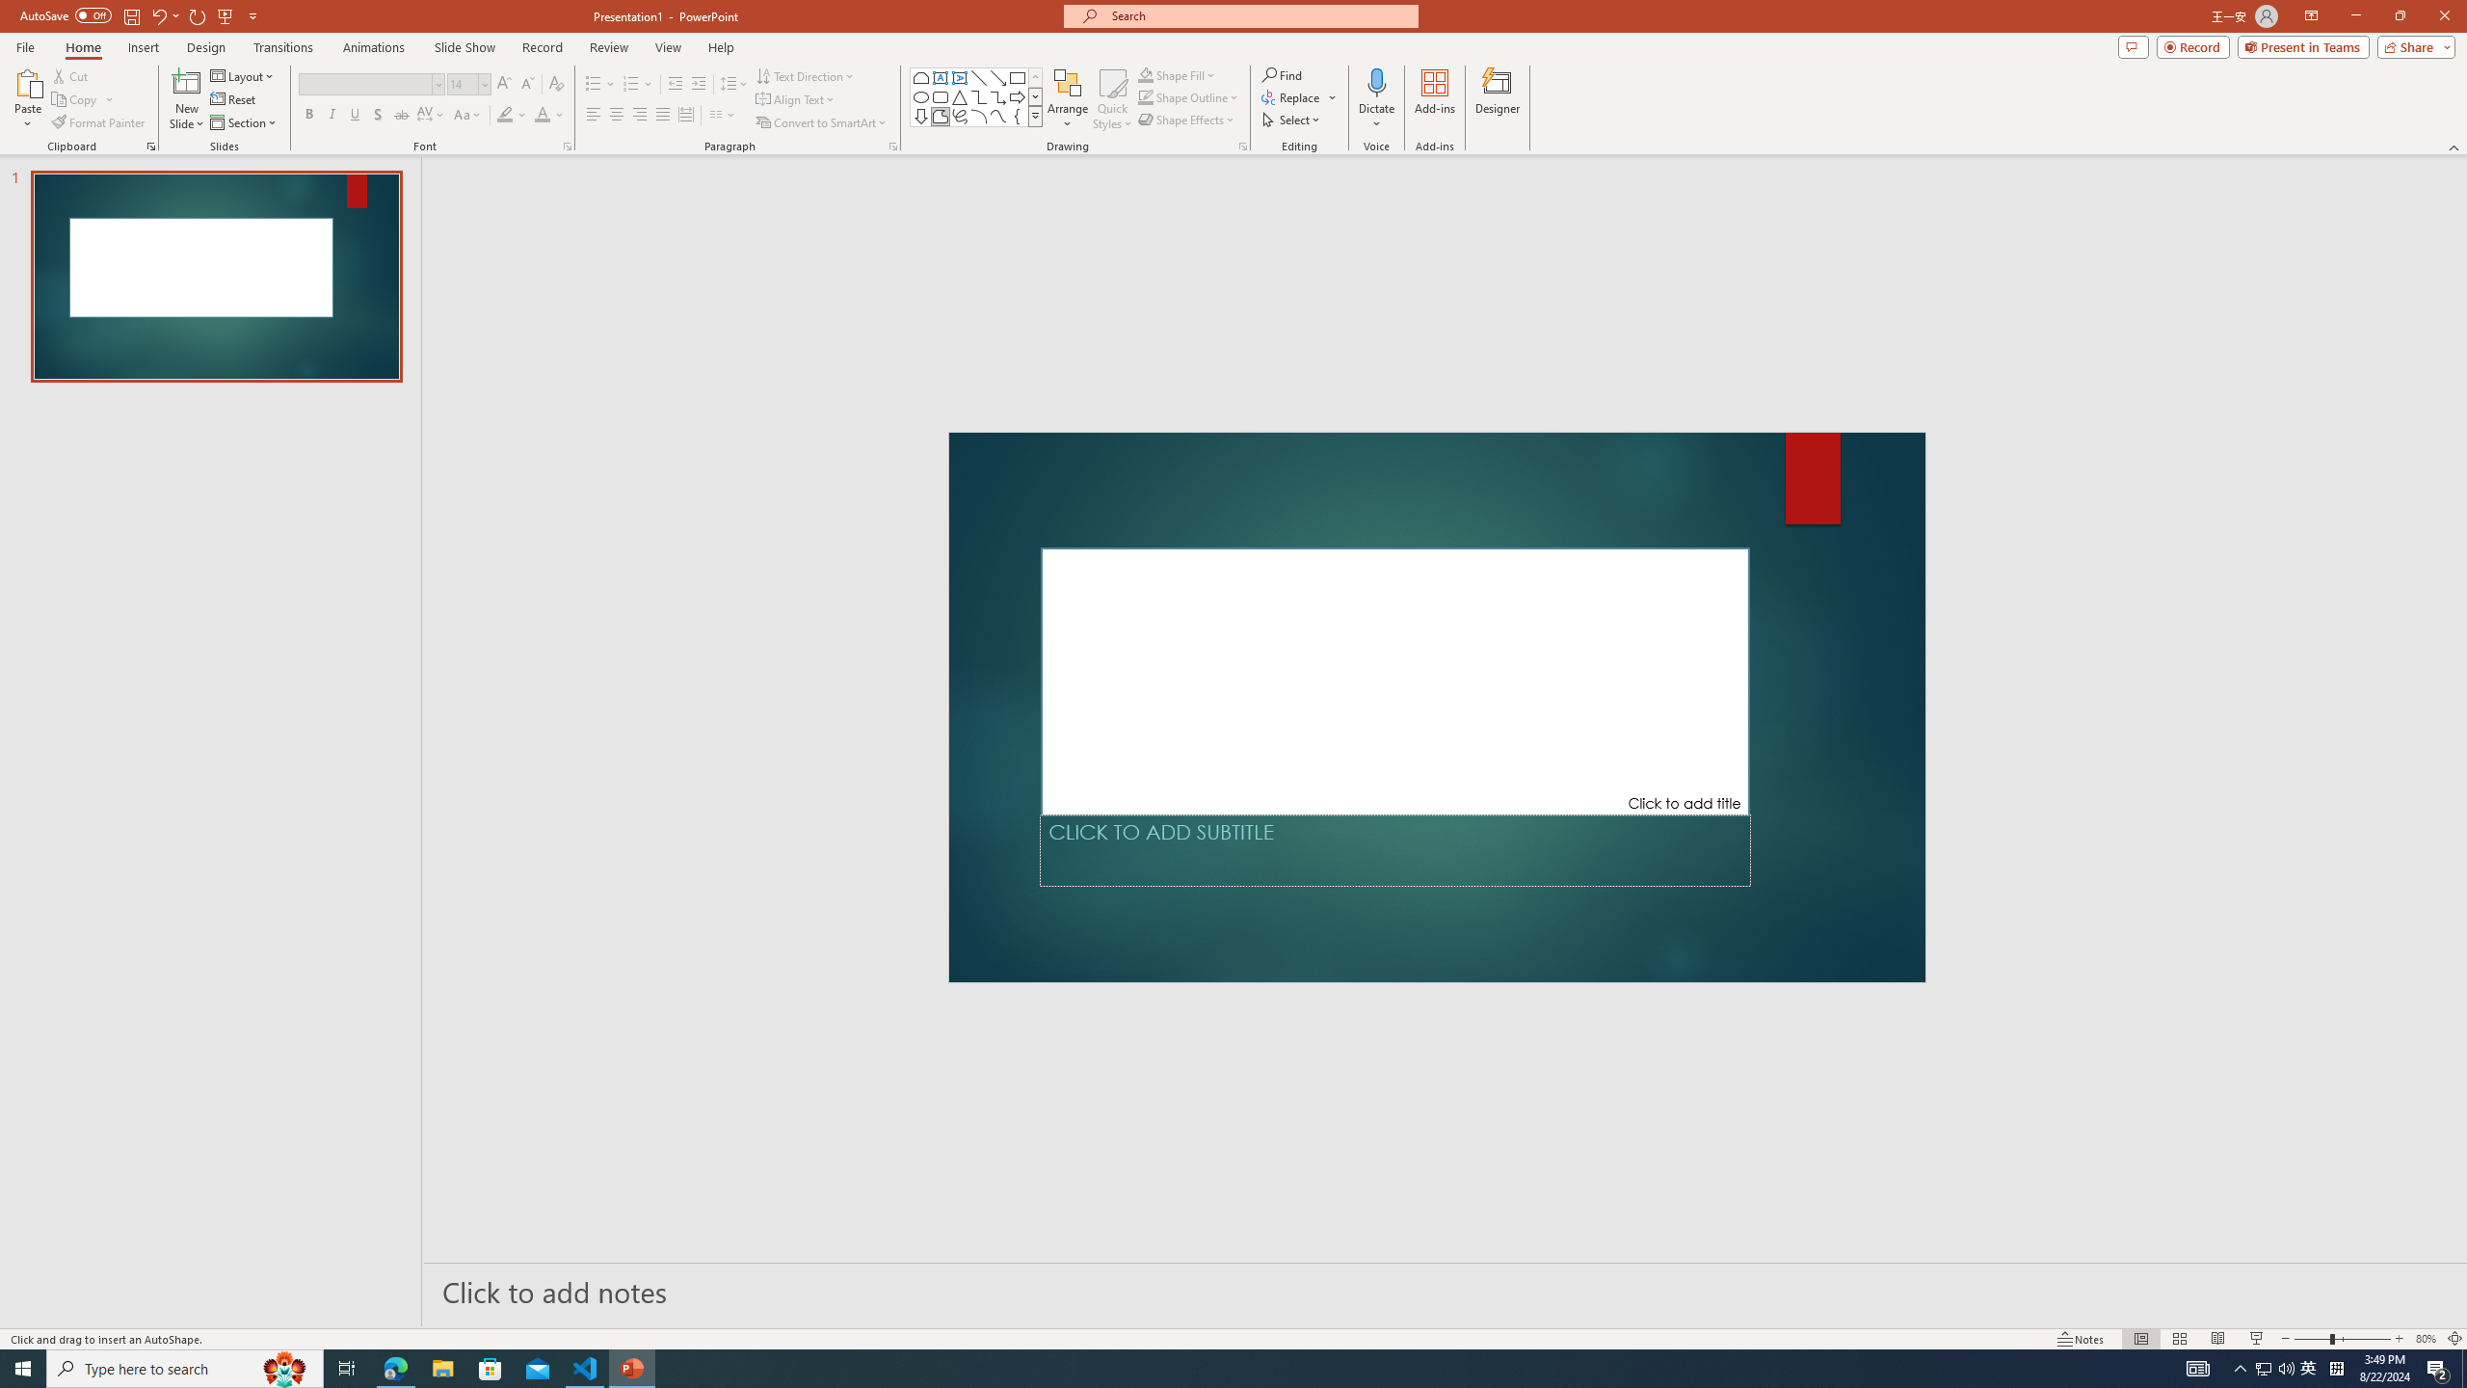 The height and width of the screenshot is (1388, 2467). I want to click on 'Subtitle TextBox', so click(1394, 849).